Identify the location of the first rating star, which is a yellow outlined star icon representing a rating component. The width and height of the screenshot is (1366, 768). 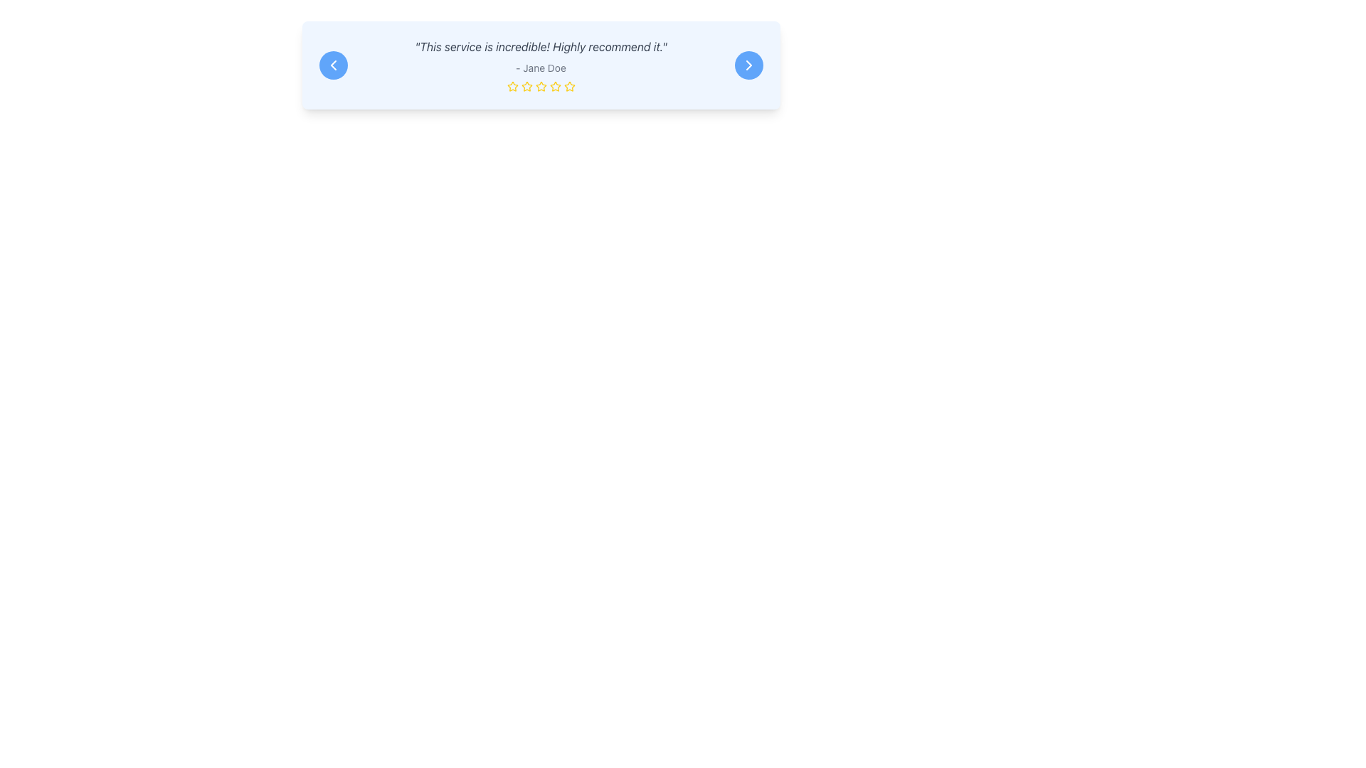
(512, 87).